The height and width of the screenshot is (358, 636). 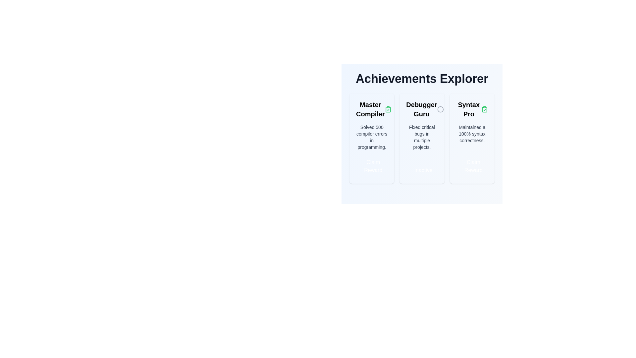 What do you see at coordinates (485, 109) in the screenshot?
I see `the green clipboard icon with a checkmark located in the upper-right corner of the 'Syntax Pro' achievement card` at bounding box center [485, 109].